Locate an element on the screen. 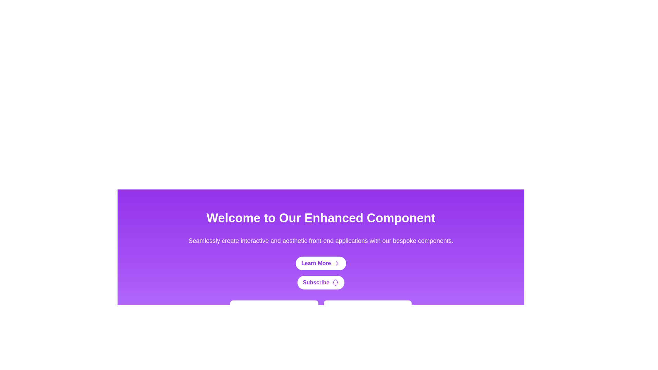 This screenshot has height=370, width=658. the icon located to the right of the 'Learn More' button, which indicates that pressing it will proceed to the next step or additional information is located at coordinates (337, 263).